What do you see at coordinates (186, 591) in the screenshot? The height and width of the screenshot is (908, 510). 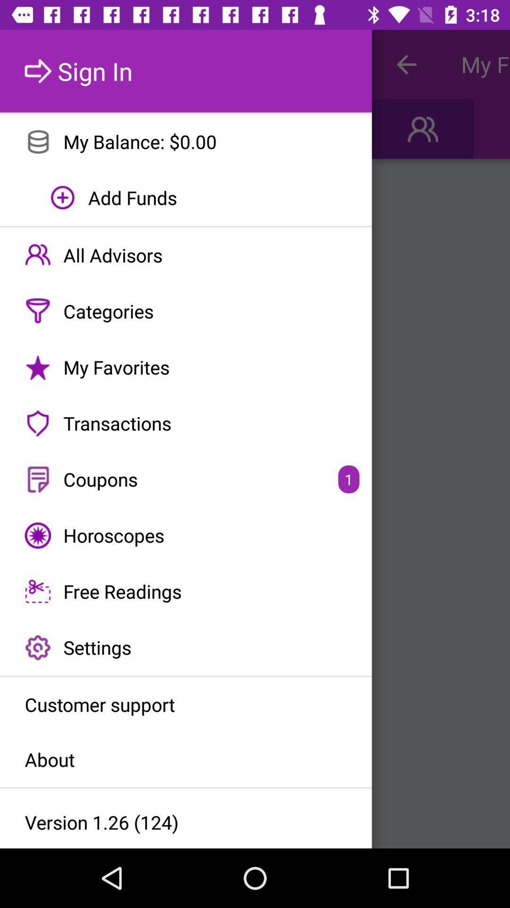 I see `item above the settings item` at bounding box center [186, 591].